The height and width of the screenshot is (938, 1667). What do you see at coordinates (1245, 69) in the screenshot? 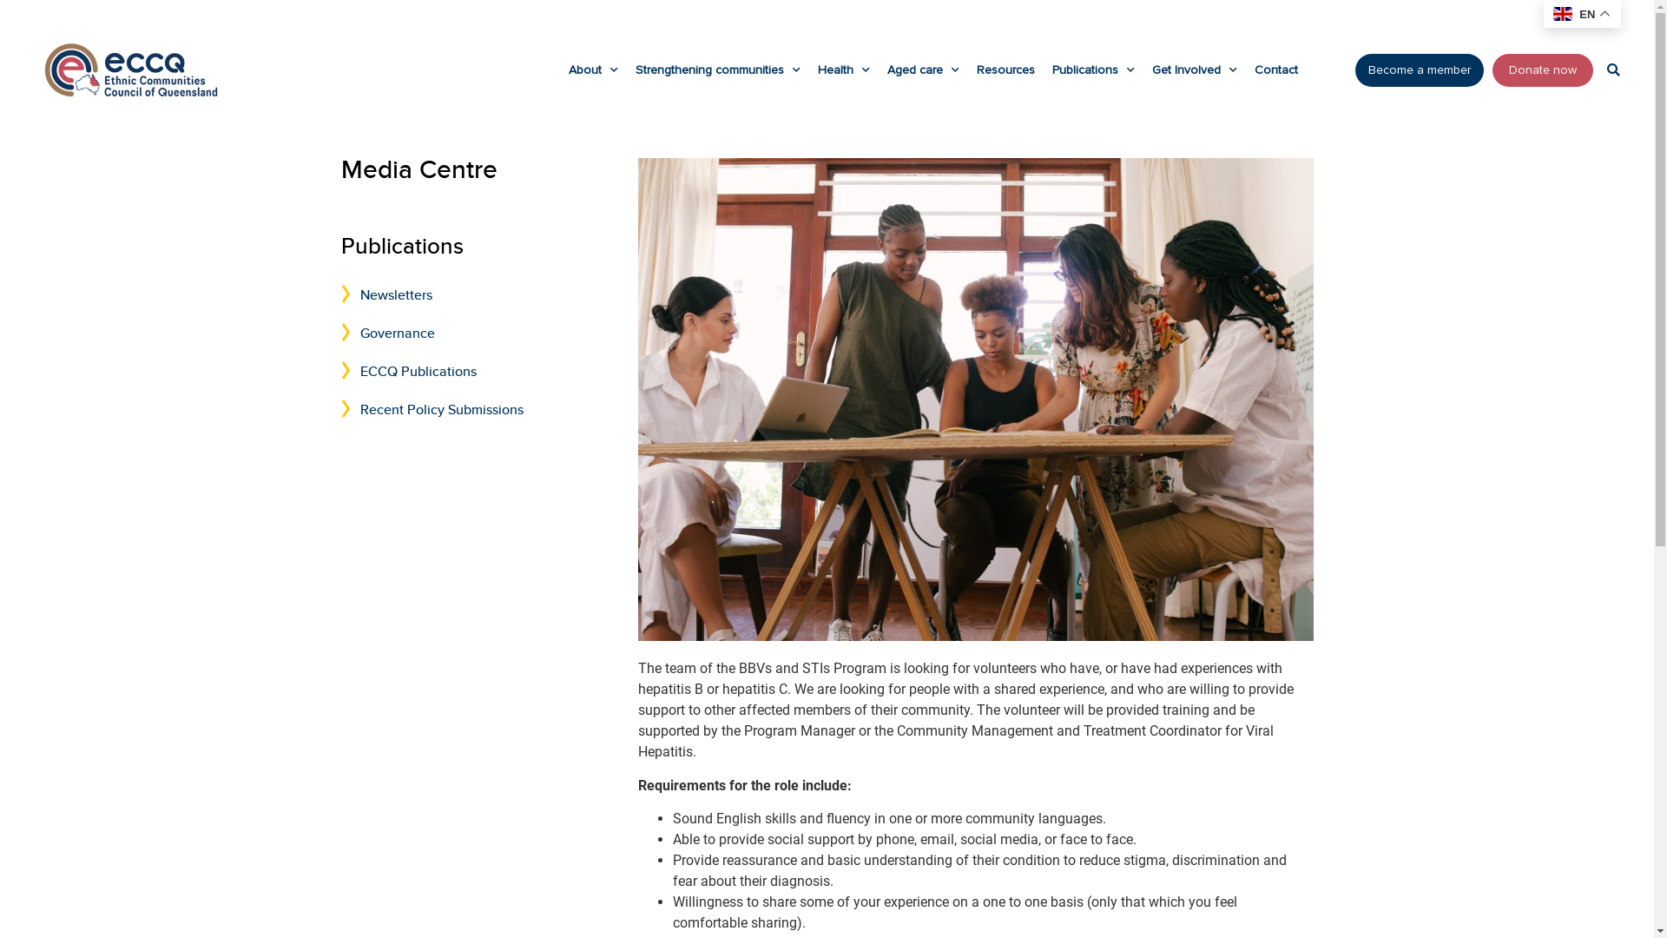
I see `'Contact'` at bounding box center [1245, 69].